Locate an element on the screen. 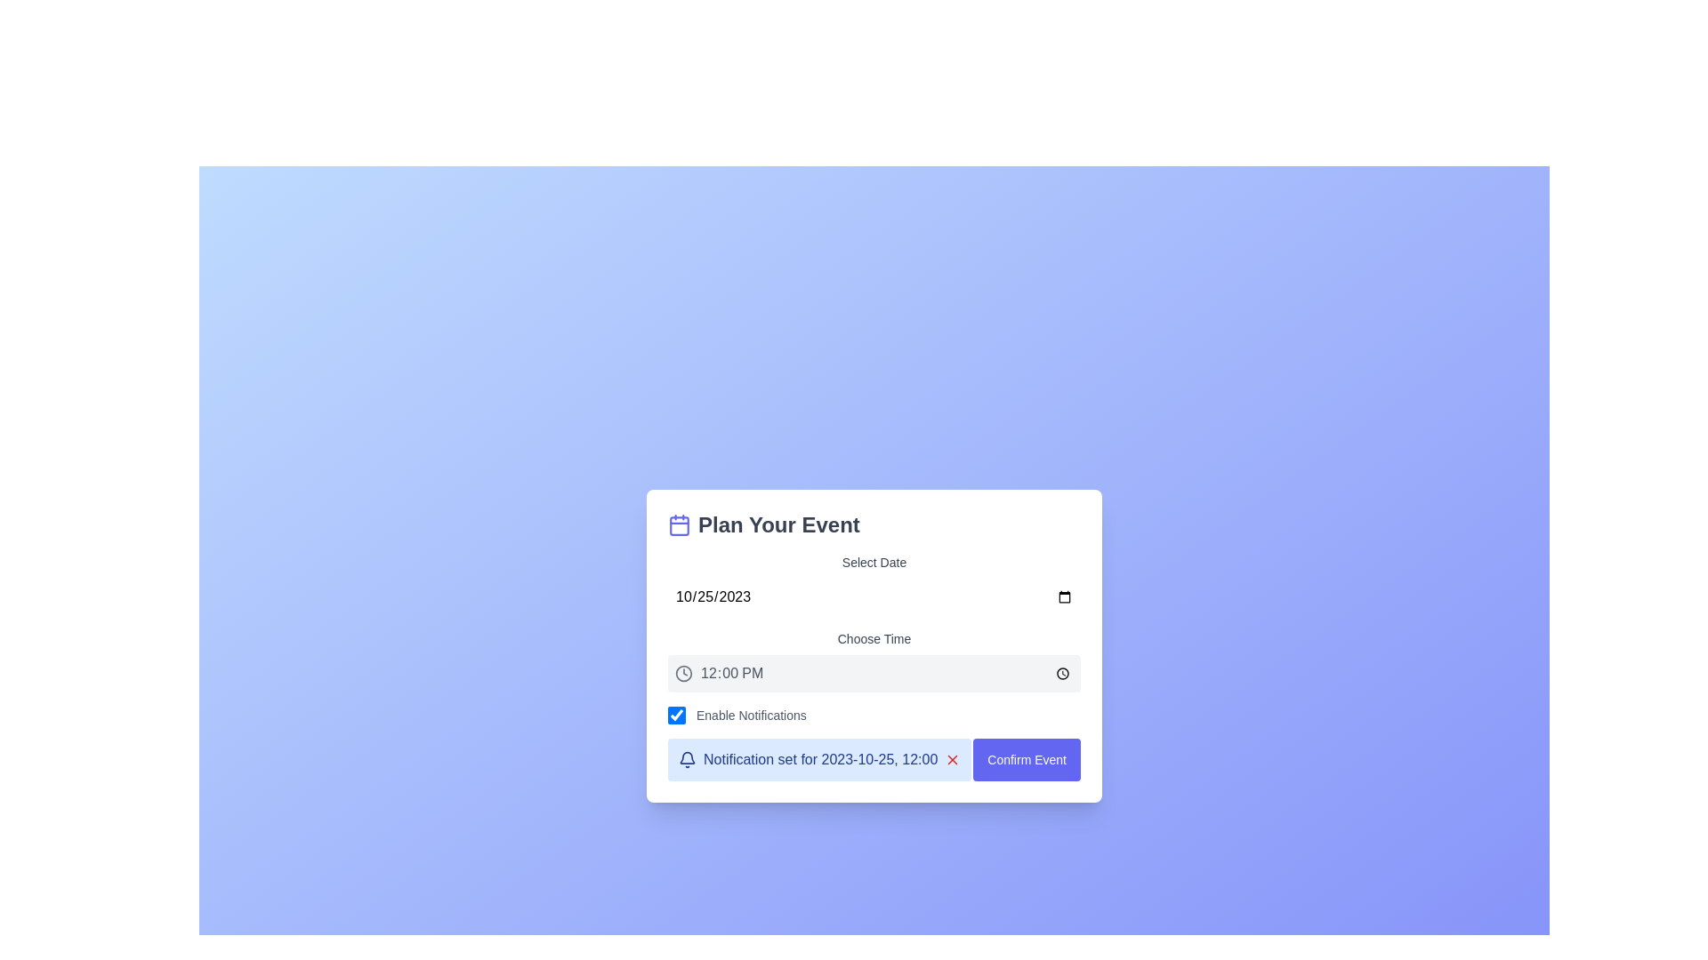  the Date Input Field located under the 'Select Date' title to focus on the input field is located at coordinates (874, 596).